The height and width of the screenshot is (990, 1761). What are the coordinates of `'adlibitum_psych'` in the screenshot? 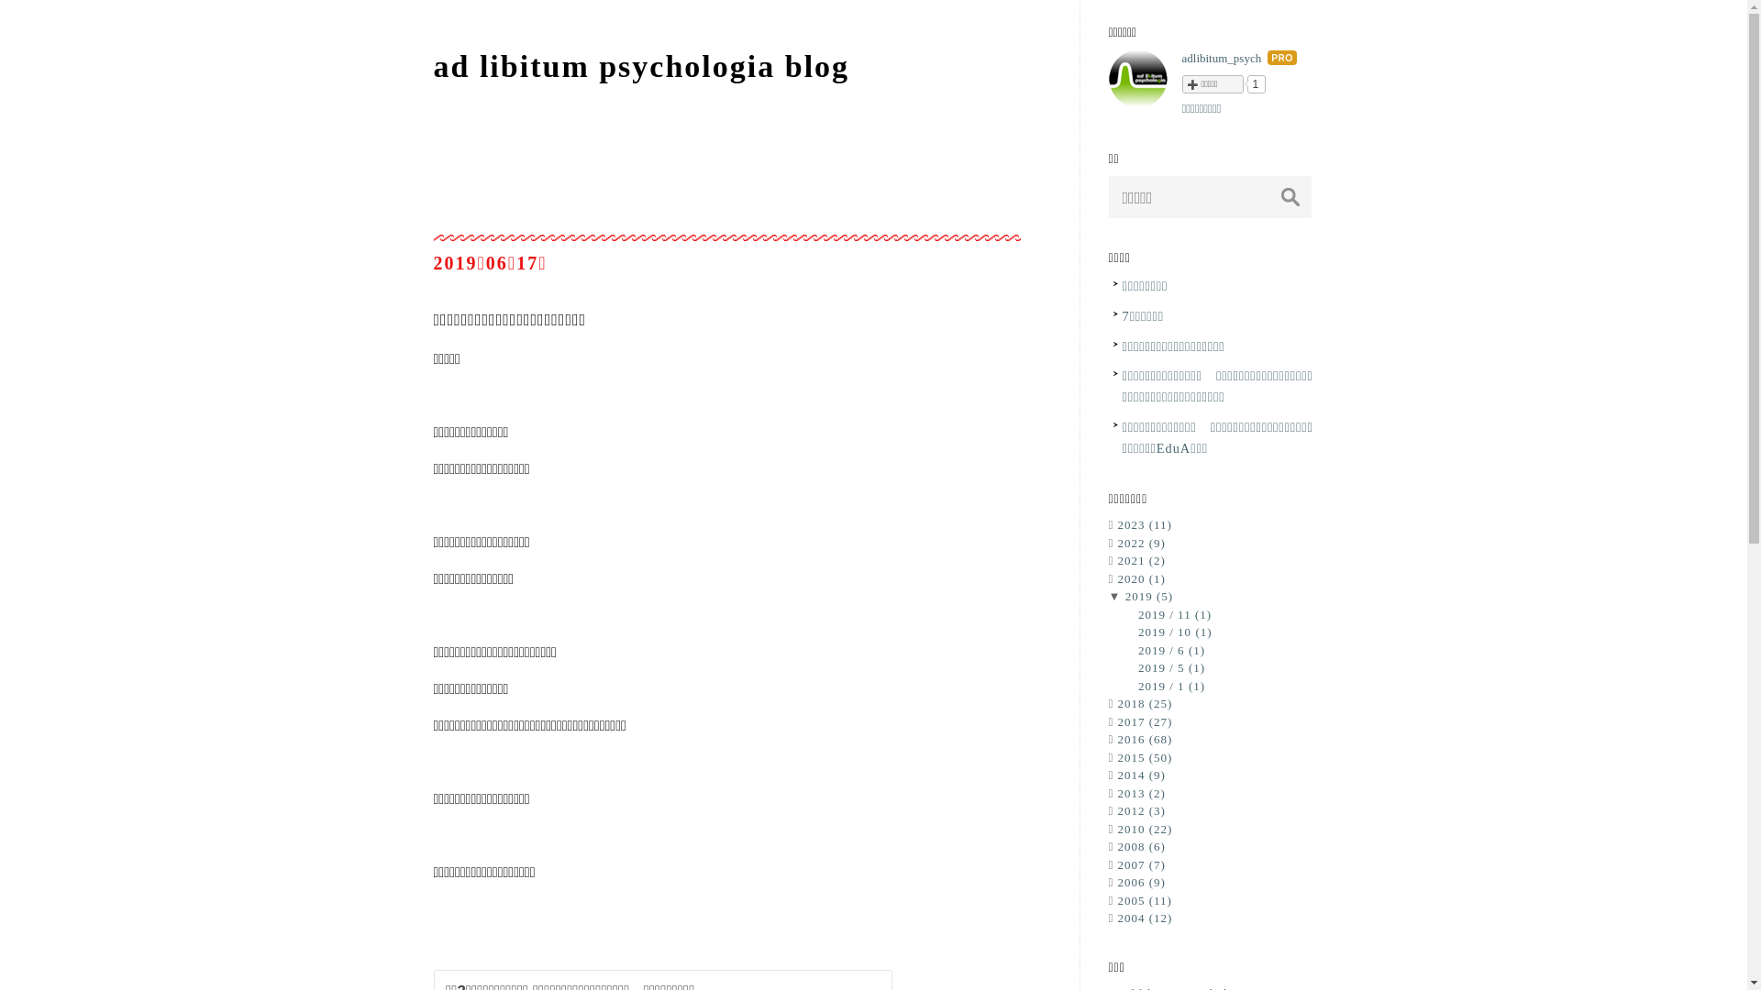 It's located at (1180, 57).